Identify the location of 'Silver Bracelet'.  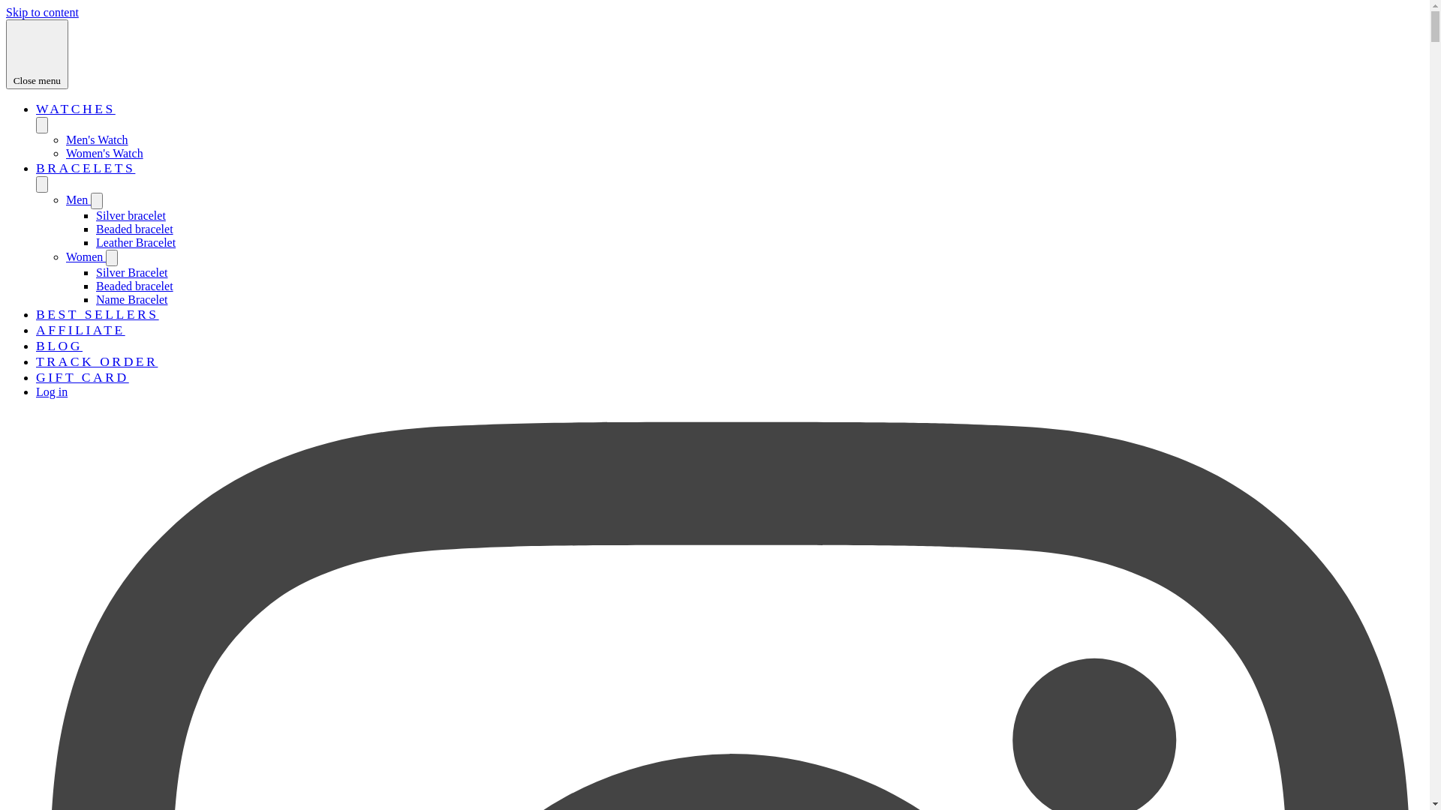
(132, 272).